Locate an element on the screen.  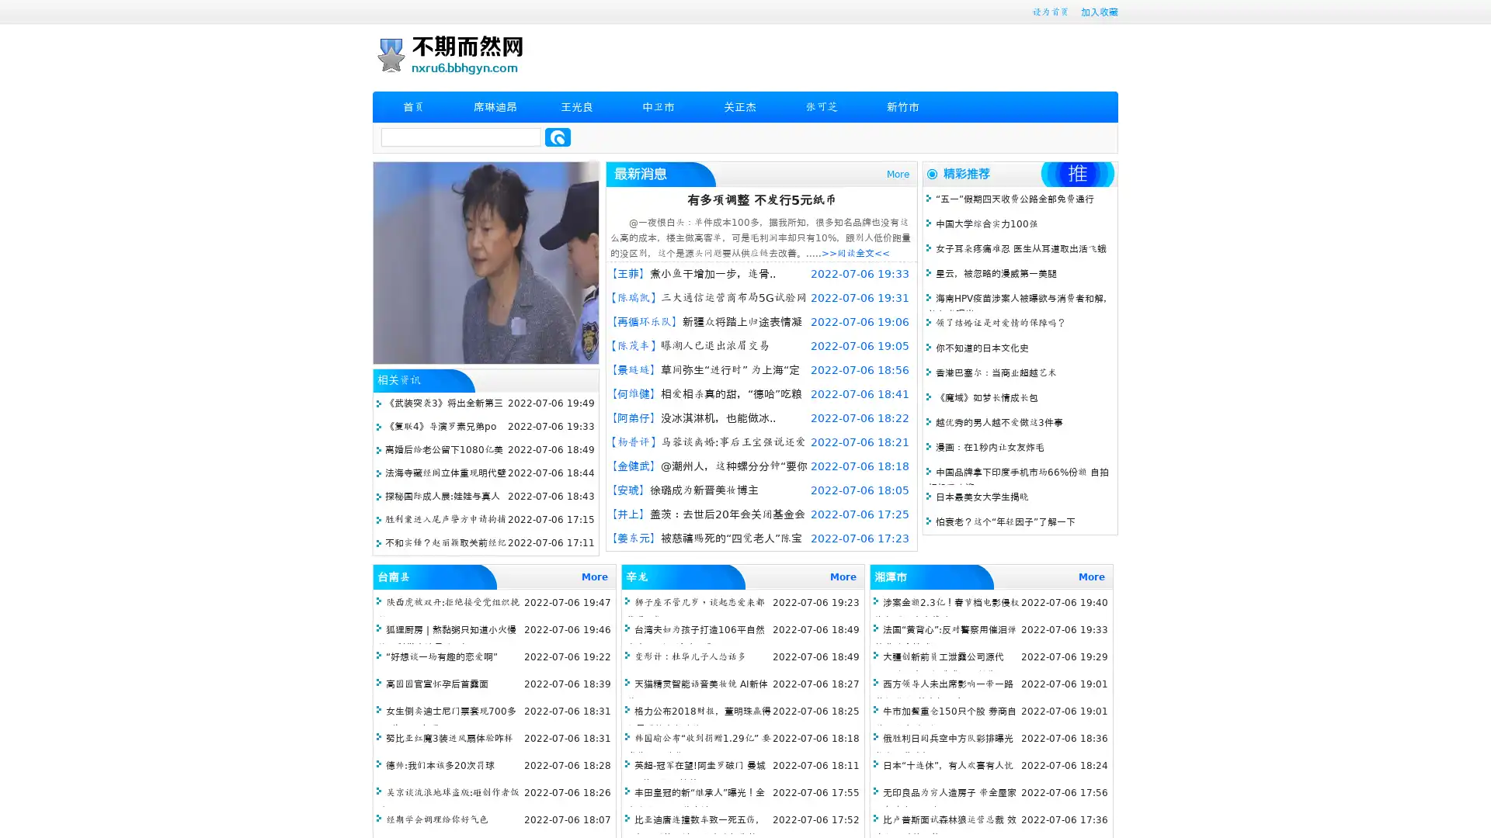
Search is located at coordinates (558, 137).